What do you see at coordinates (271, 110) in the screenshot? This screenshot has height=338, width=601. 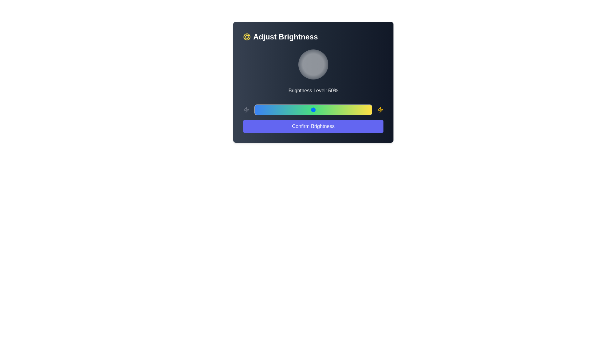 I see `the brightness slider to 14%` at bounding box center [271, 110].